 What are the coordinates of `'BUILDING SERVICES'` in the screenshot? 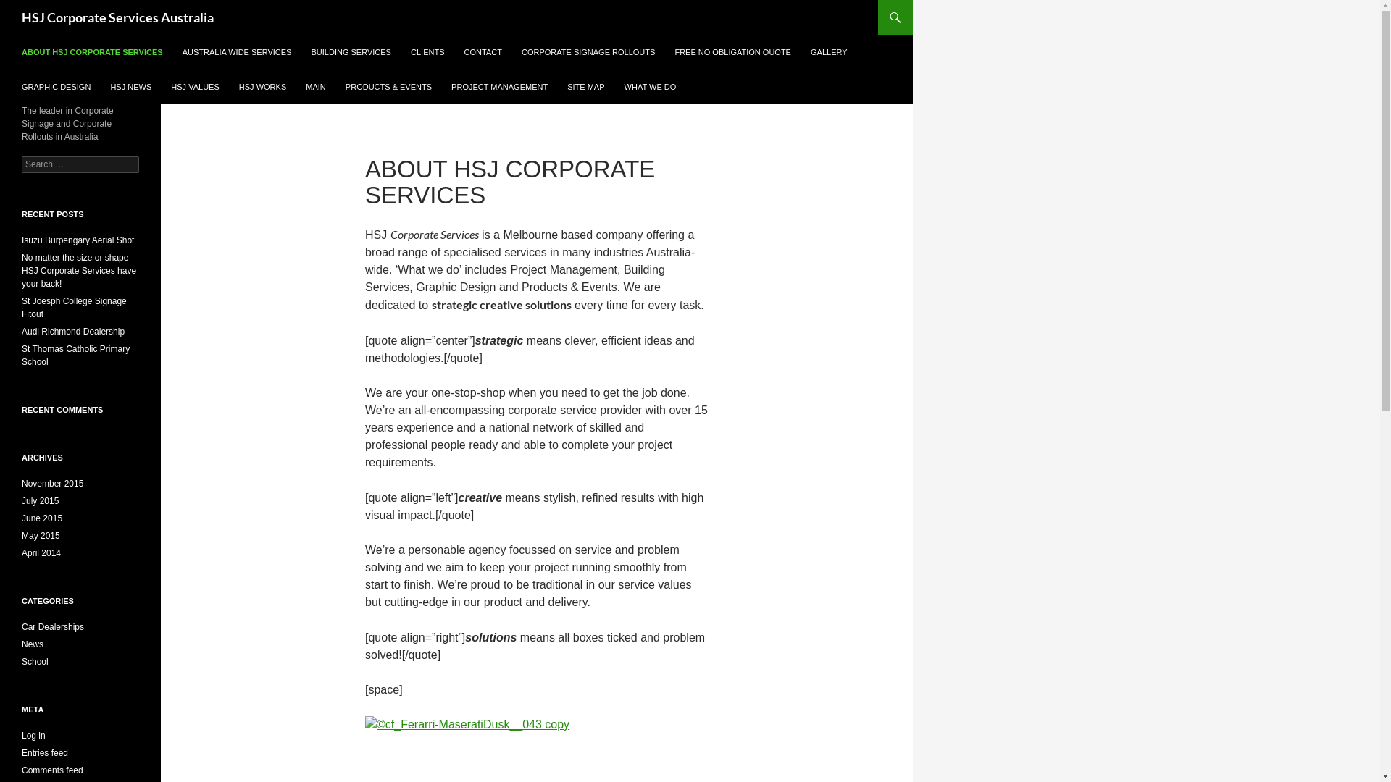 It's located at (351, 51).